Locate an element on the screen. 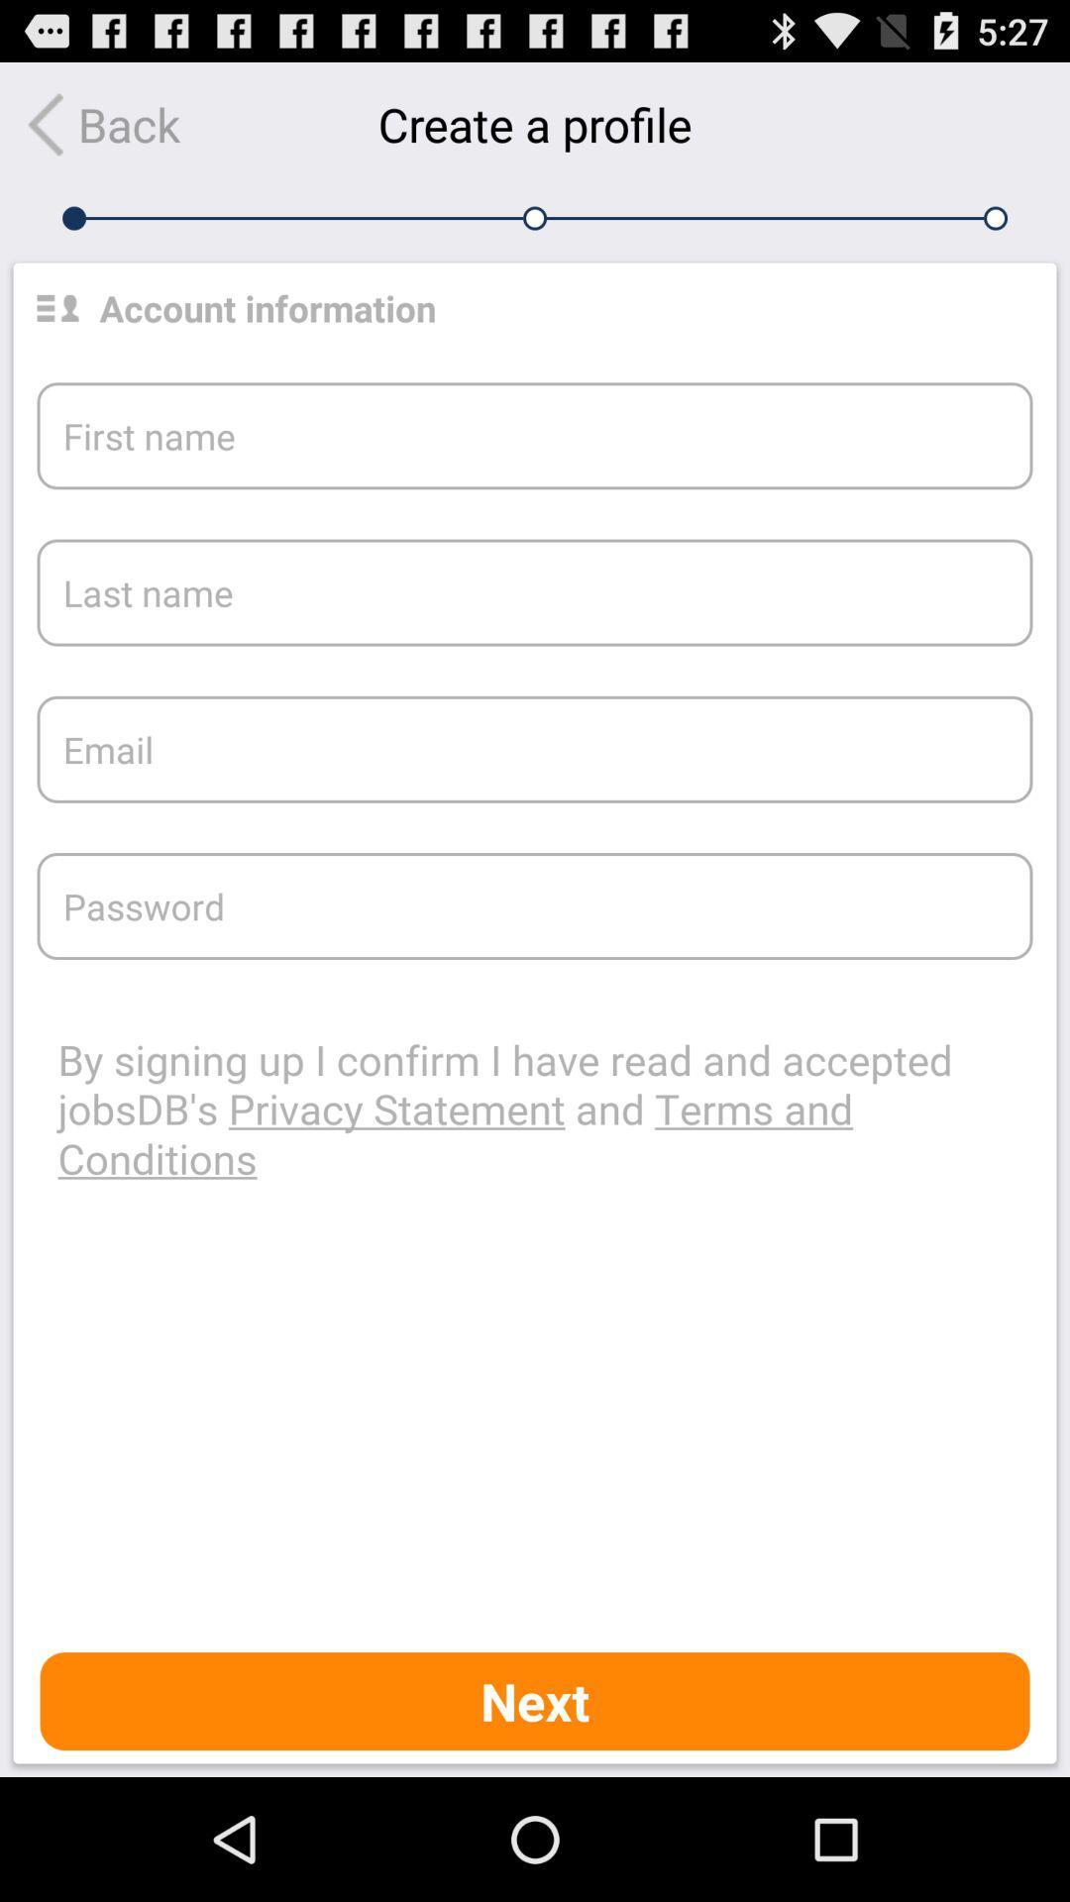  the box saying last name is located at coordinates (535, 592).